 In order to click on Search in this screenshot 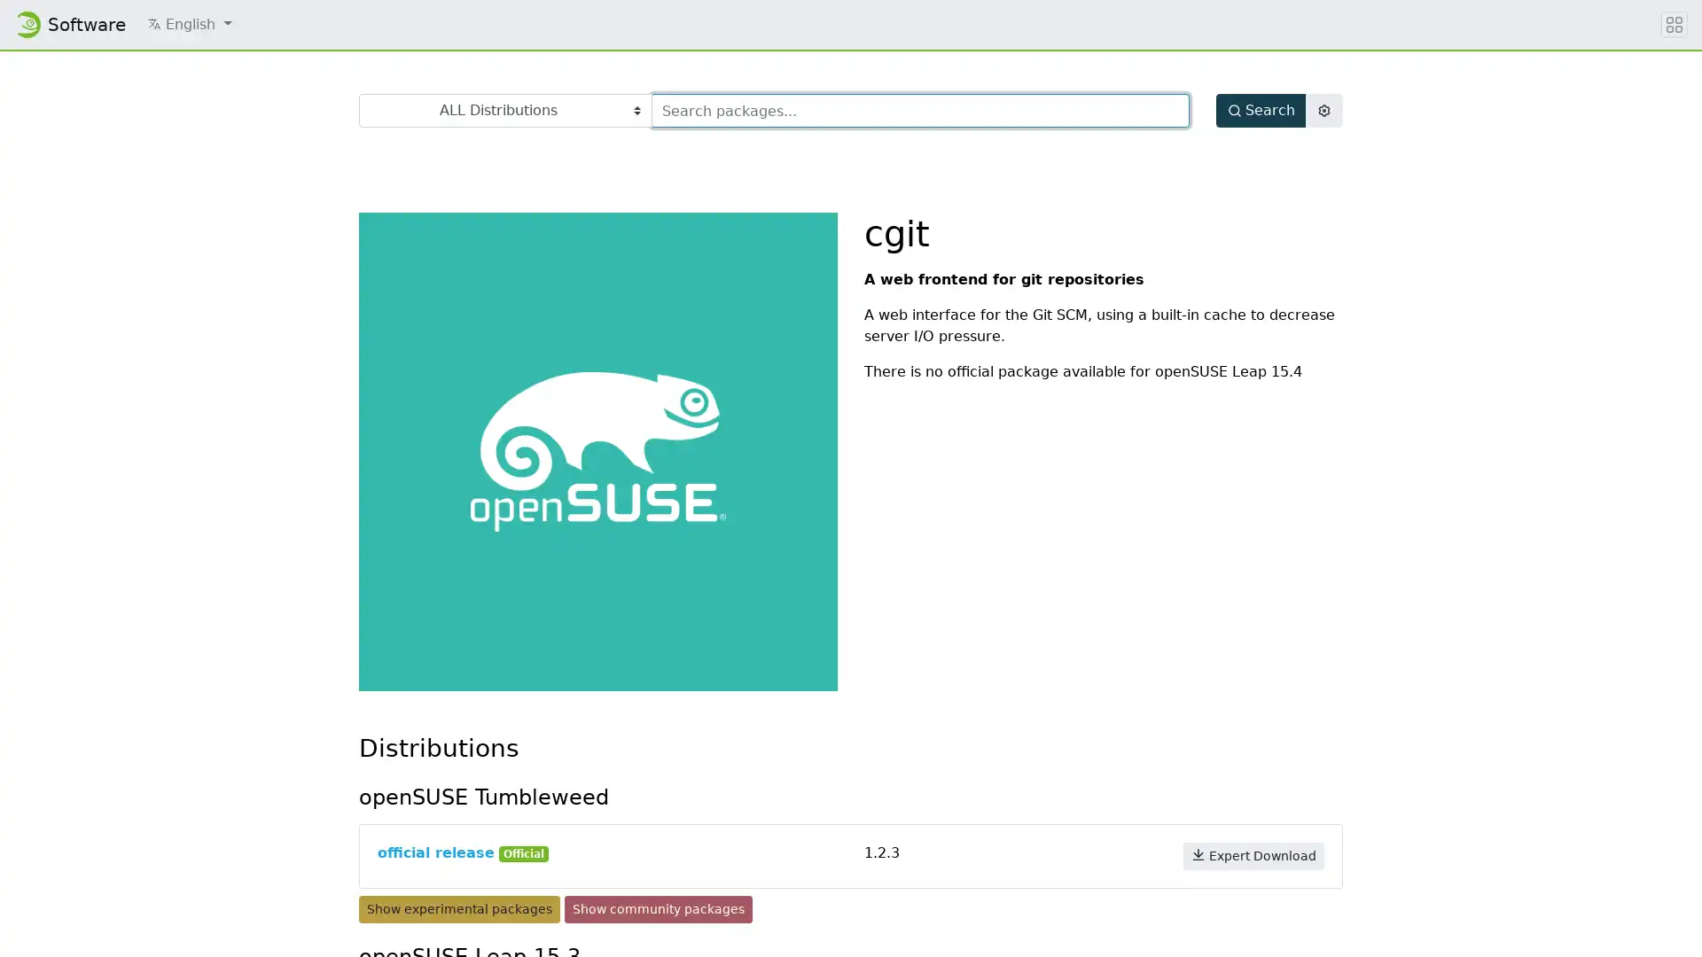, I will do `click(1260, 110)`.